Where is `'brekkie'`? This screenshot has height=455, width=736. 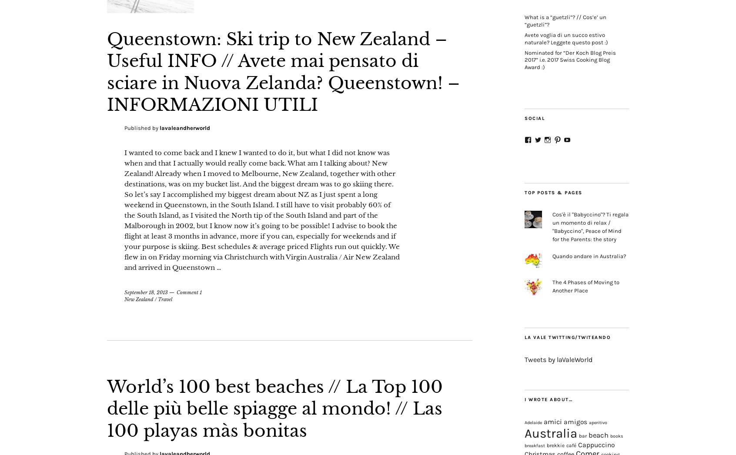
'brekkie' is located at coordinates (555, 445).